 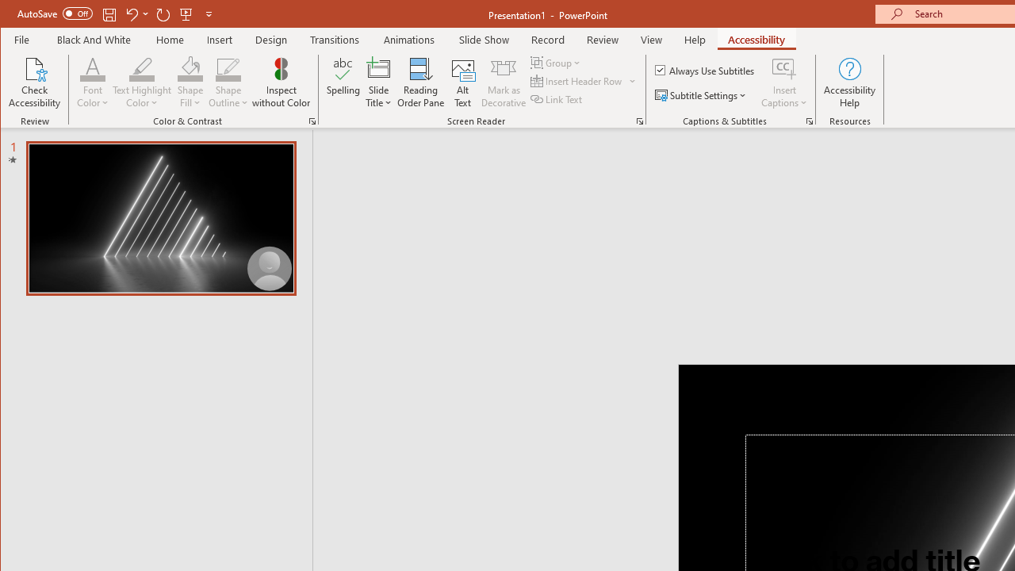 I want to click on 'Accessibility Help', so click(x=849, y=82).